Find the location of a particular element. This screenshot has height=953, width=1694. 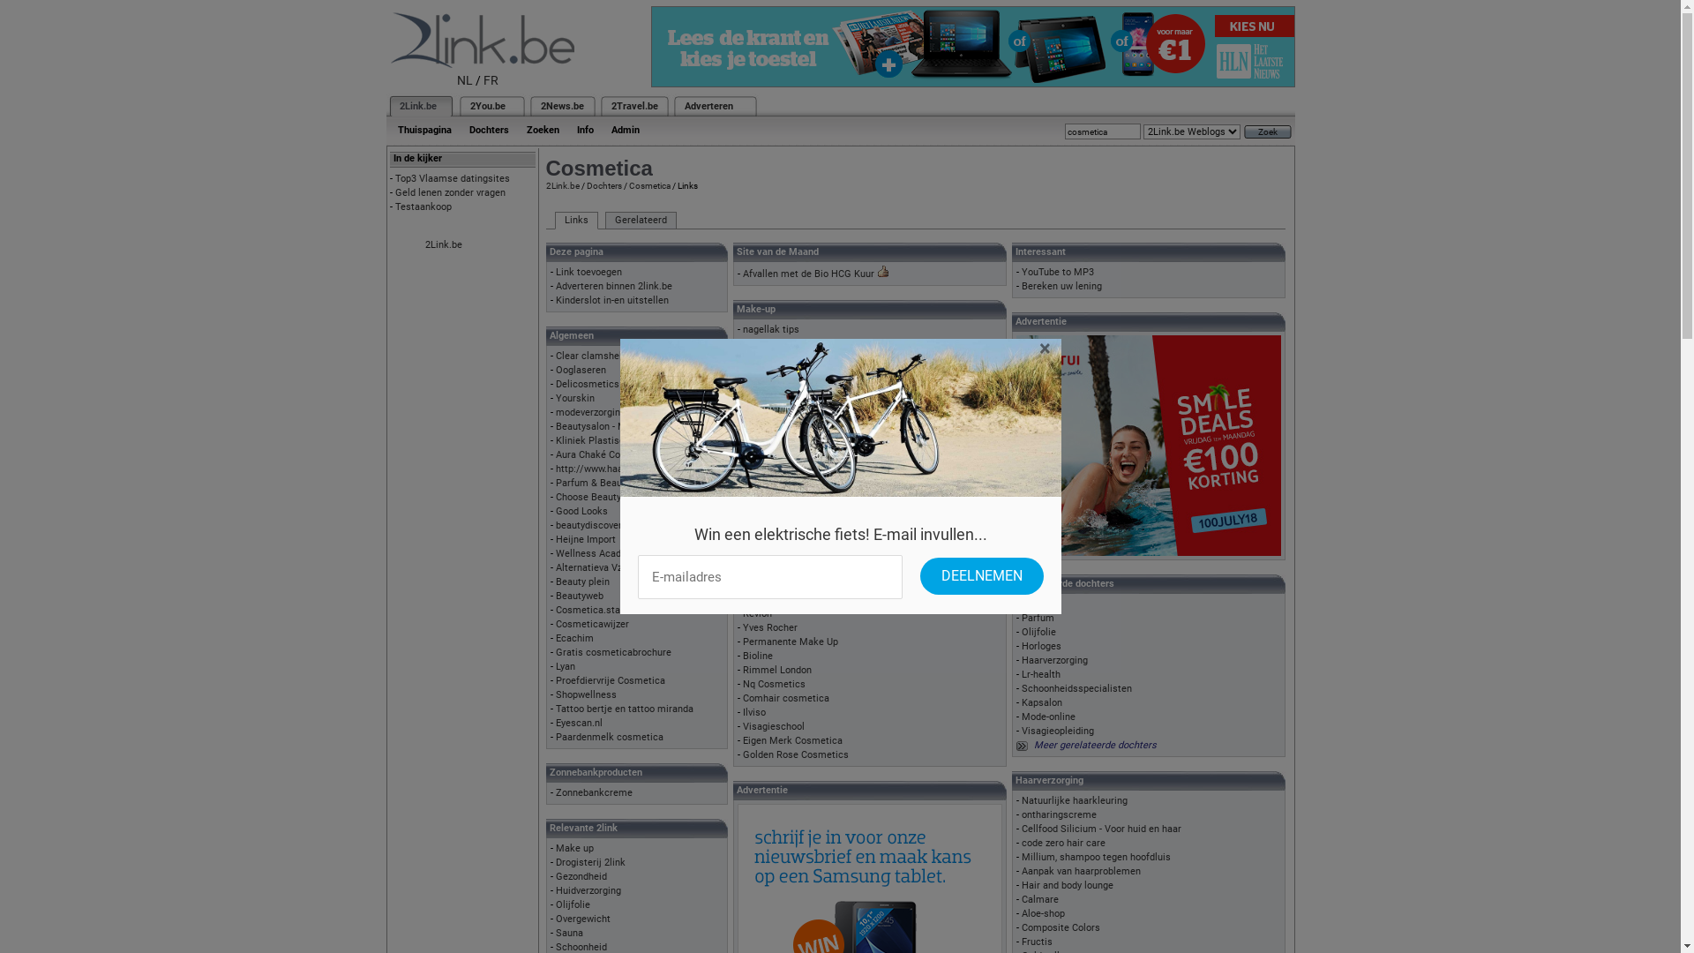

'Visagieopleiding' is located at coordinates (1058, 731).